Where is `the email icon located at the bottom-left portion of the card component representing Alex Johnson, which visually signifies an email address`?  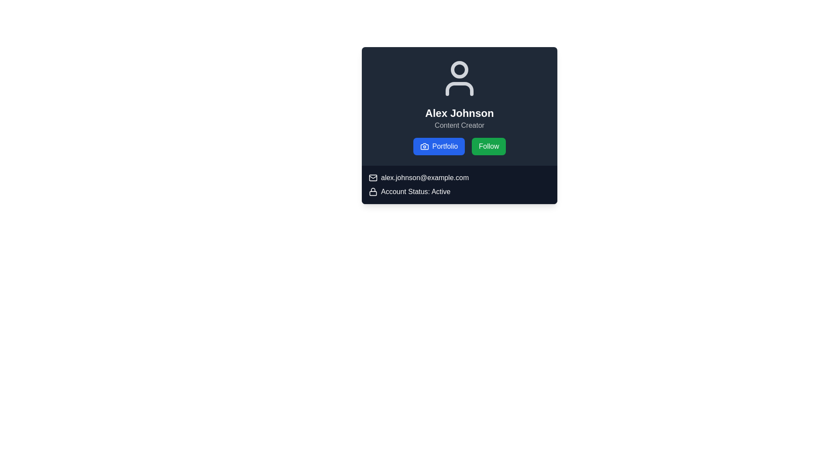
the email icon located at the bottom-left portion of the card component representing Alex Johnson, which visually signifies an email address is located at coordinates (373, 177).